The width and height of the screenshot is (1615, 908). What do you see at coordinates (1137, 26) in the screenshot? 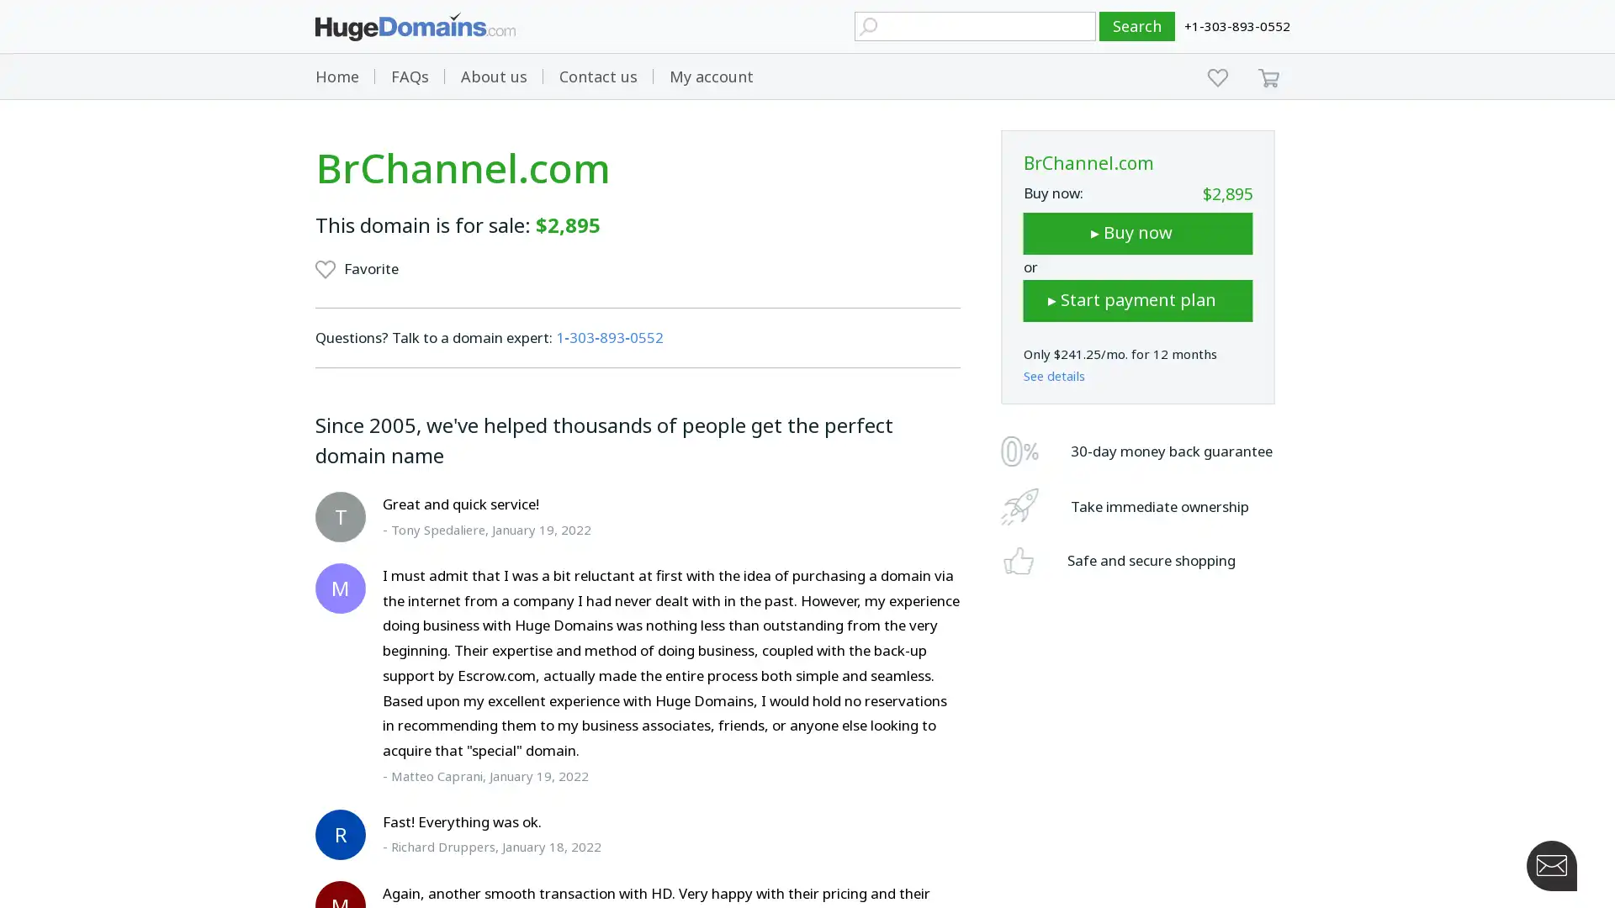
I see `Search` at bounding box center [1137, 26].